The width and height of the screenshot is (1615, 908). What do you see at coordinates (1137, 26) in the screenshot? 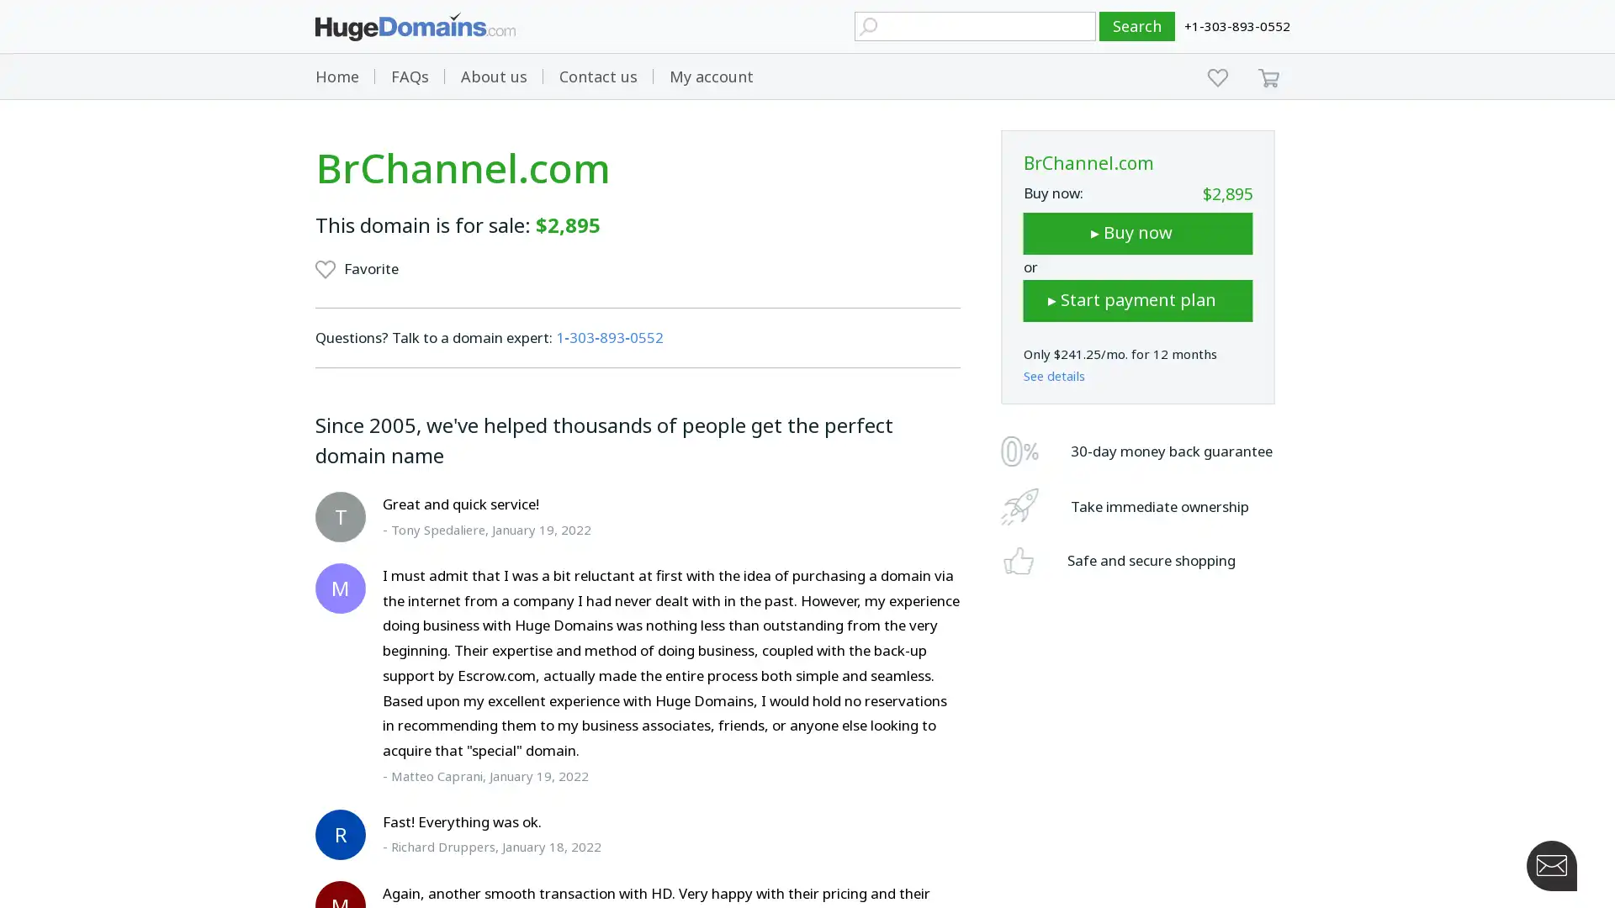
I see `Search` at bounding box center [1137, 26].